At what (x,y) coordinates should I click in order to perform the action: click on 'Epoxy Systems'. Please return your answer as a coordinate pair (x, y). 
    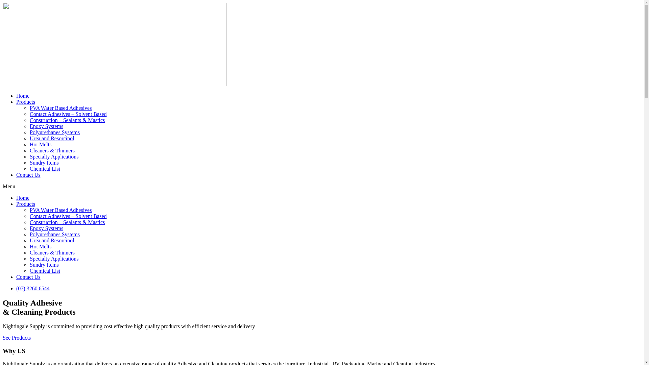
    Looking at the image, I should click on (46, 228).